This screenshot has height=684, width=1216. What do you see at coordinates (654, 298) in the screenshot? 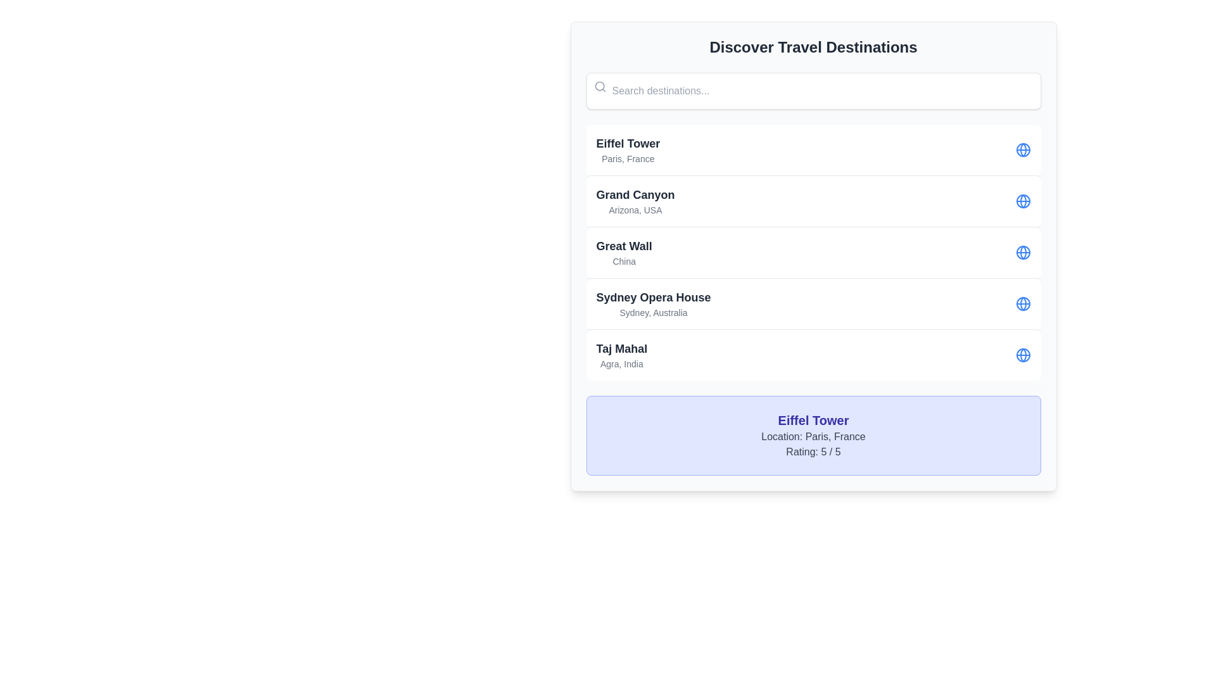
I see `text label that says 'Sydney Opera House', which is prominently displayed in a large, bold font within the fourth list item of the destinations` at bounding box center [654, 298].